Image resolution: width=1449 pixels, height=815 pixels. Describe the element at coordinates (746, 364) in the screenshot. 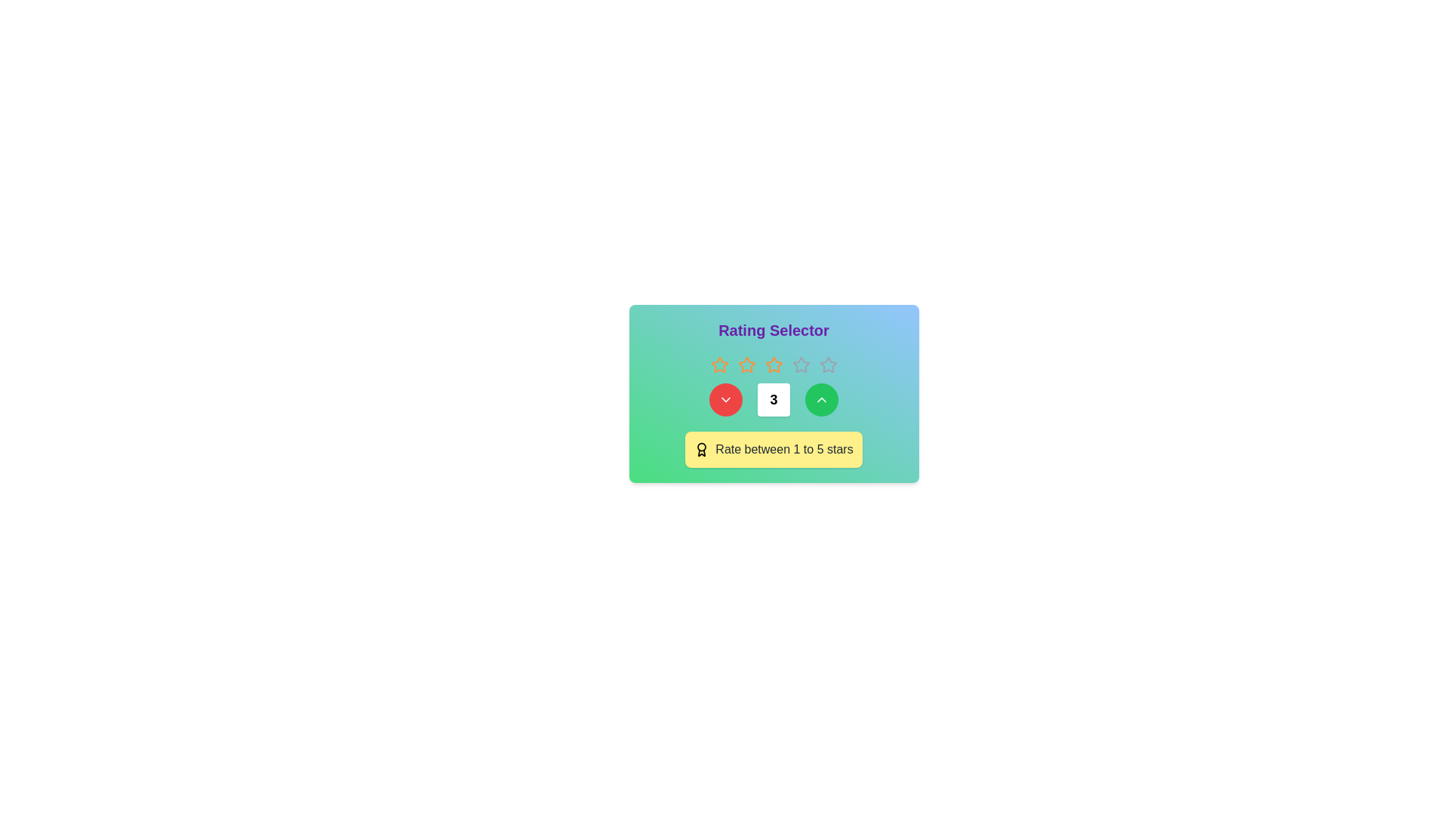

I see `the second star icon in the rating system` at that location.